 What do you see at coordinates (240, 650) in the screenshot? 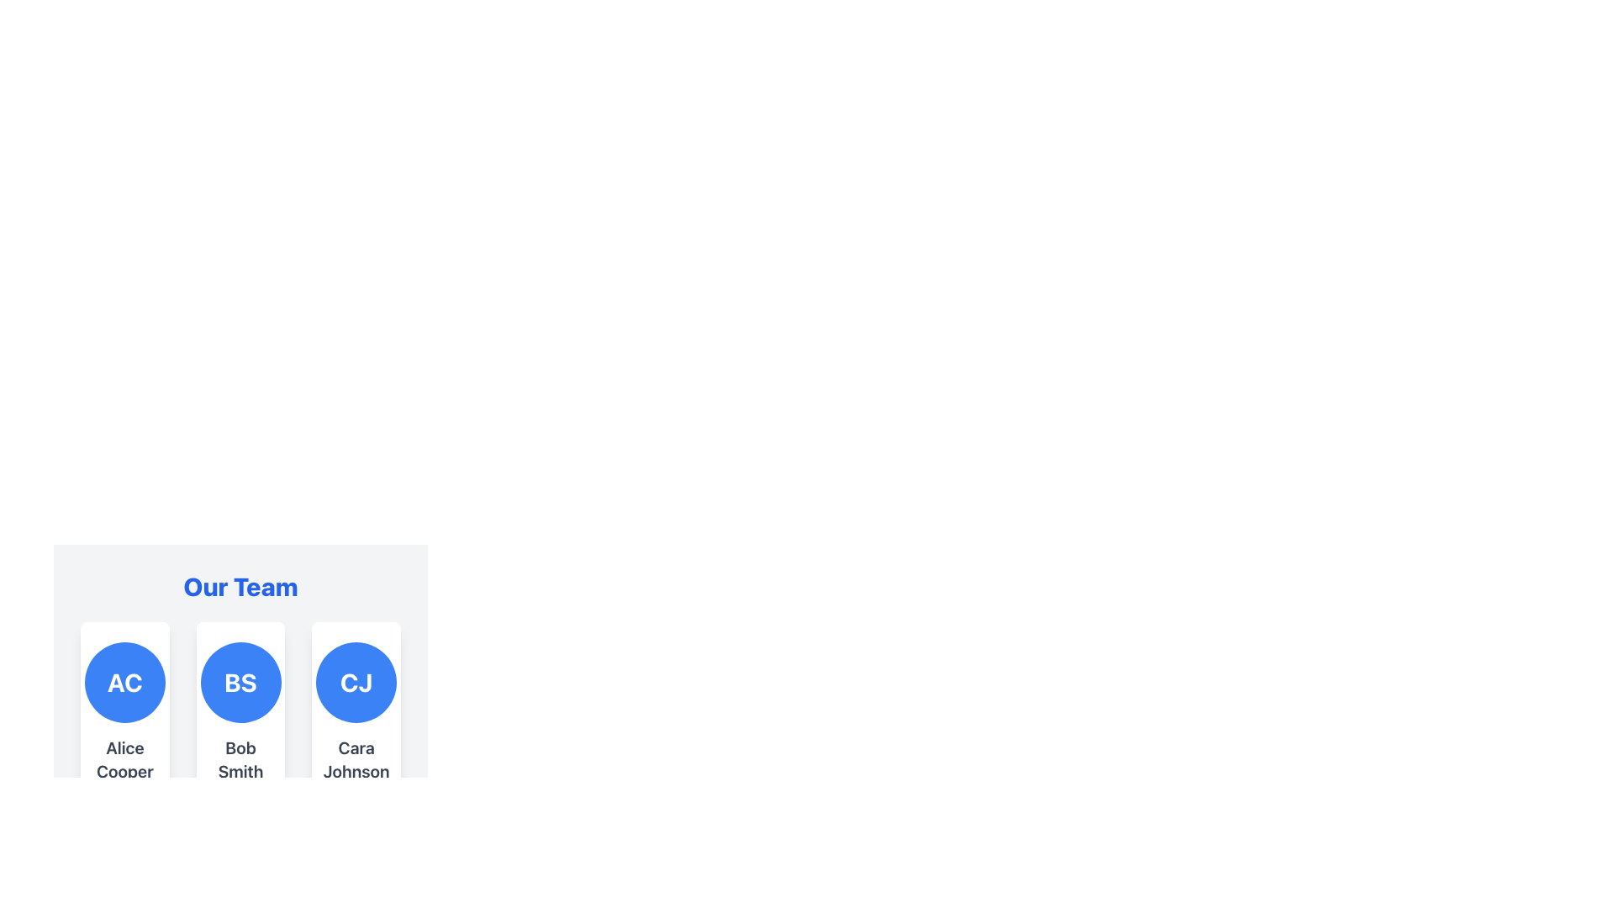
I see `keyboard navigation` at bounding box center [240, 650].